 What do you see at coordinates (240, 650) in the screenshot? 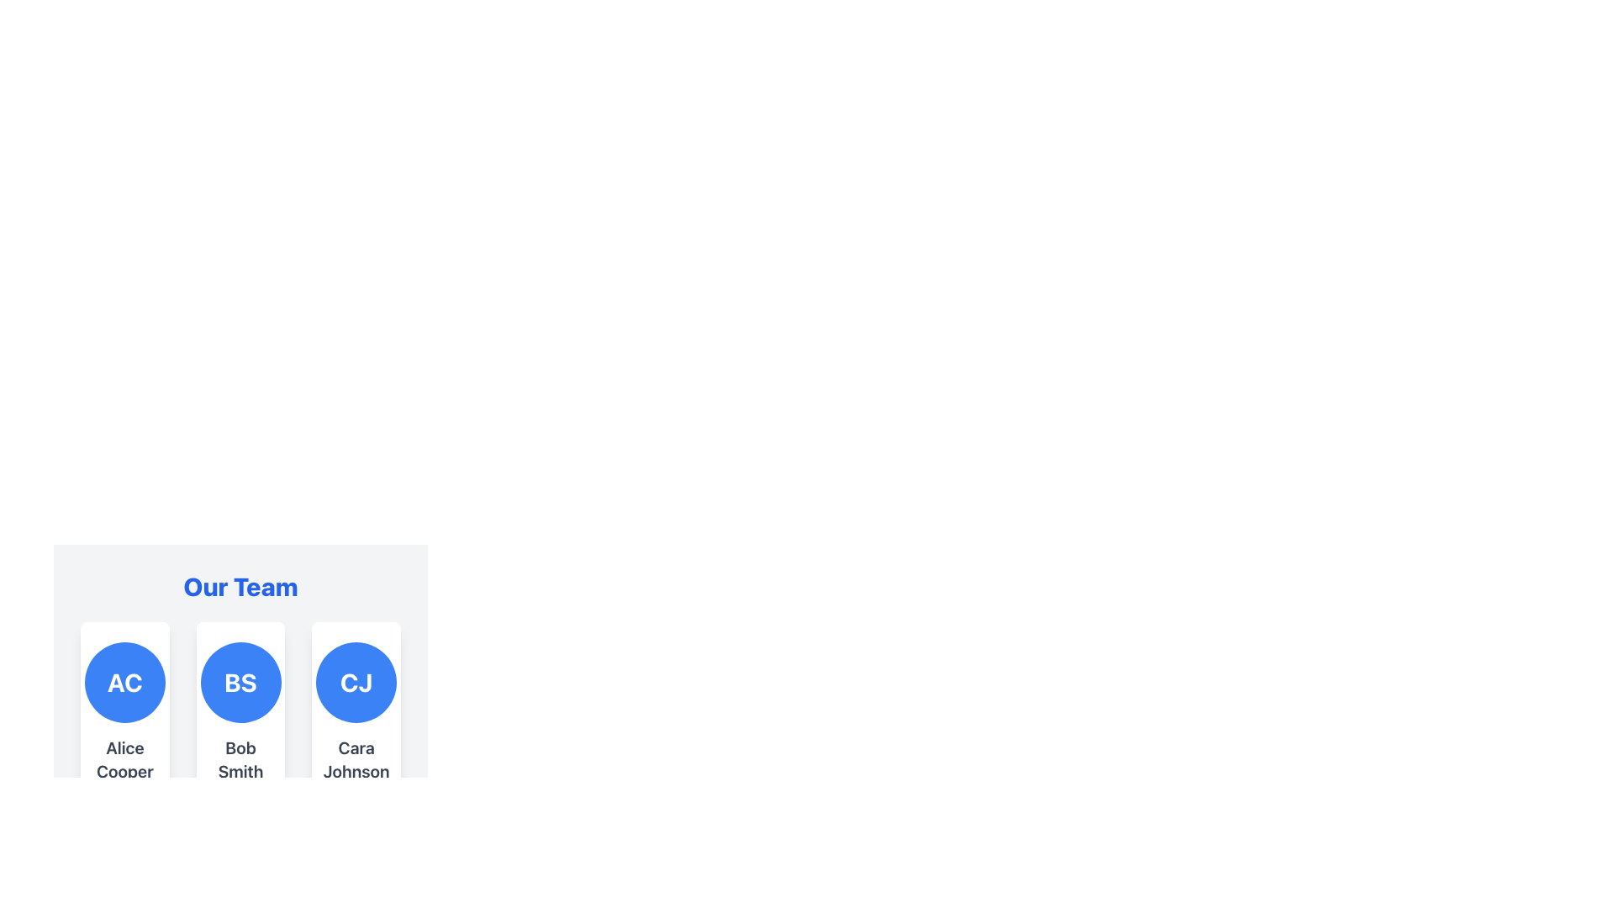
I see `keyboard navigation` at bounding box center [240, 650].